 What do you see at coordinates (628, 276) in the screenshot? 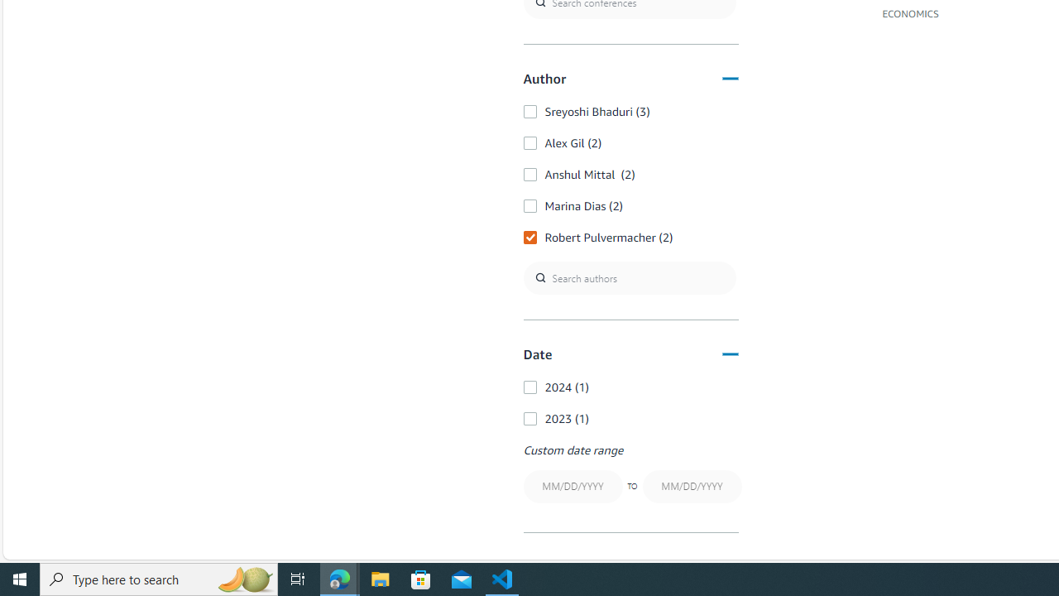
I see `'Search authors'` at bounding box center [628, 276].